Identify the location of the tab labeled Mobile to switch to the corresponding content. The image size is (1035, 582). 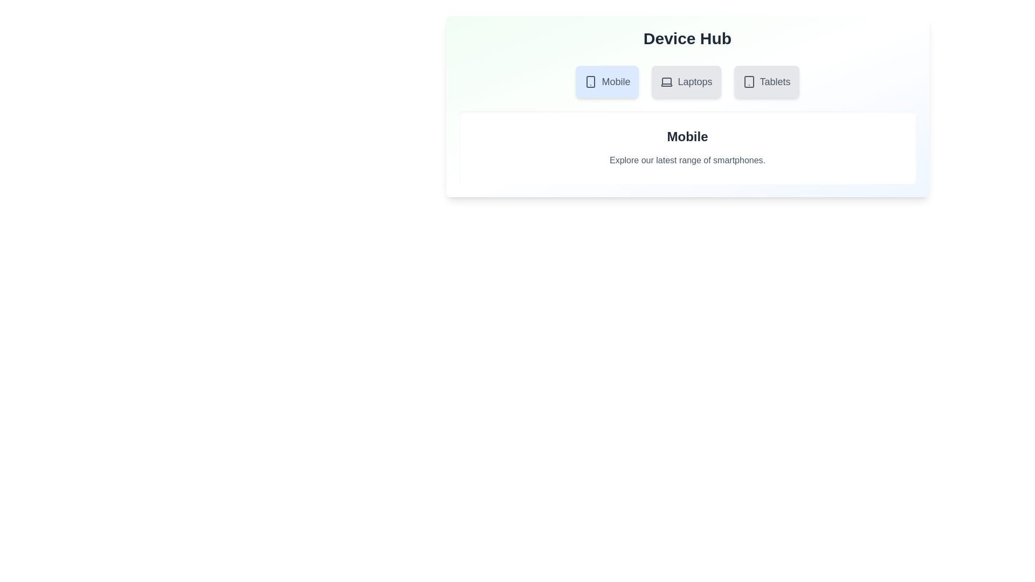
(607, 81).